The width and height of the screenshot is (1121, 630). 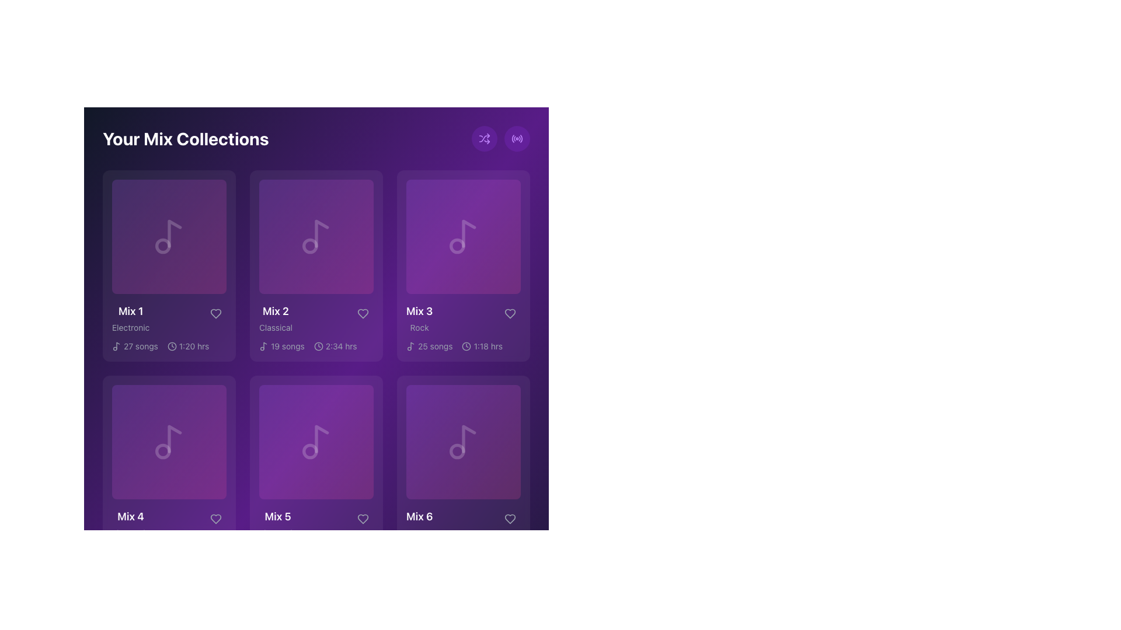 I want to click on the circular purple button with rounded edges located centrally within the 'Mix 3' card to trigger its hover state, so click(x=462, y=236).